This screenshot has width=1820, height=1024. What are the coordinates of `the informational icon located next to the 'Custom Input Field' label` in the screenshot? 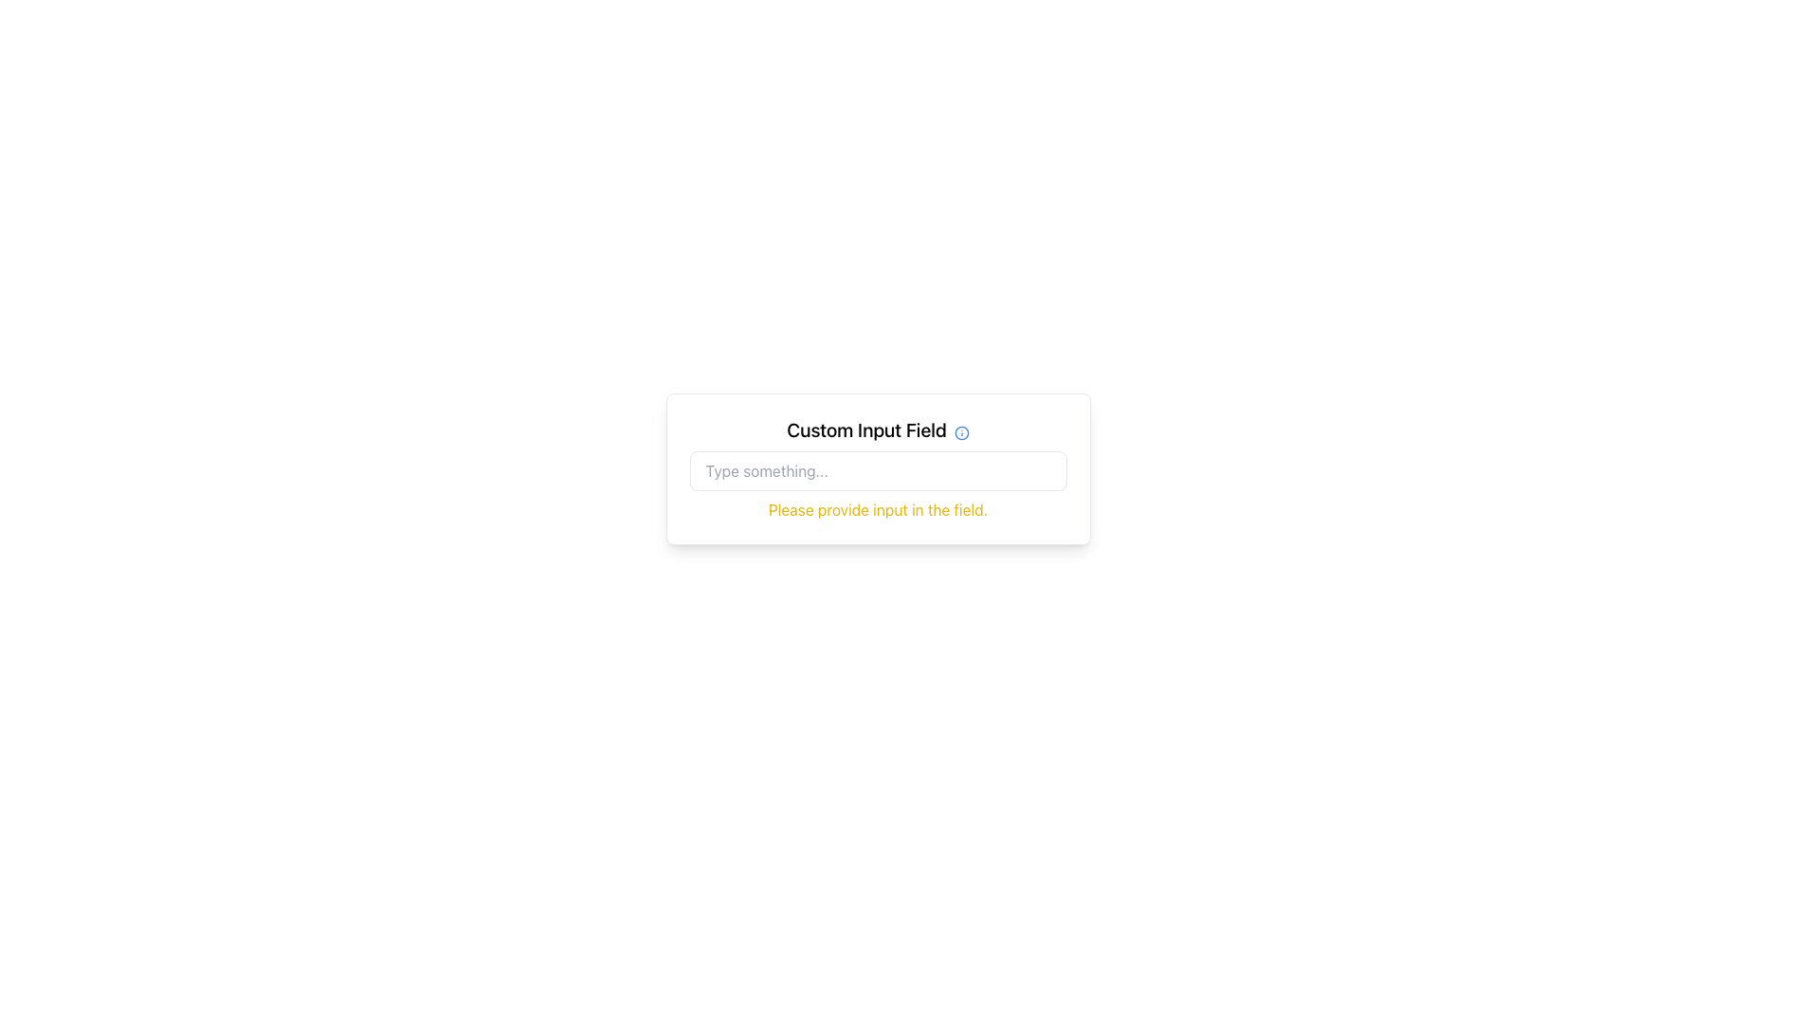 It's located at (961, 432).